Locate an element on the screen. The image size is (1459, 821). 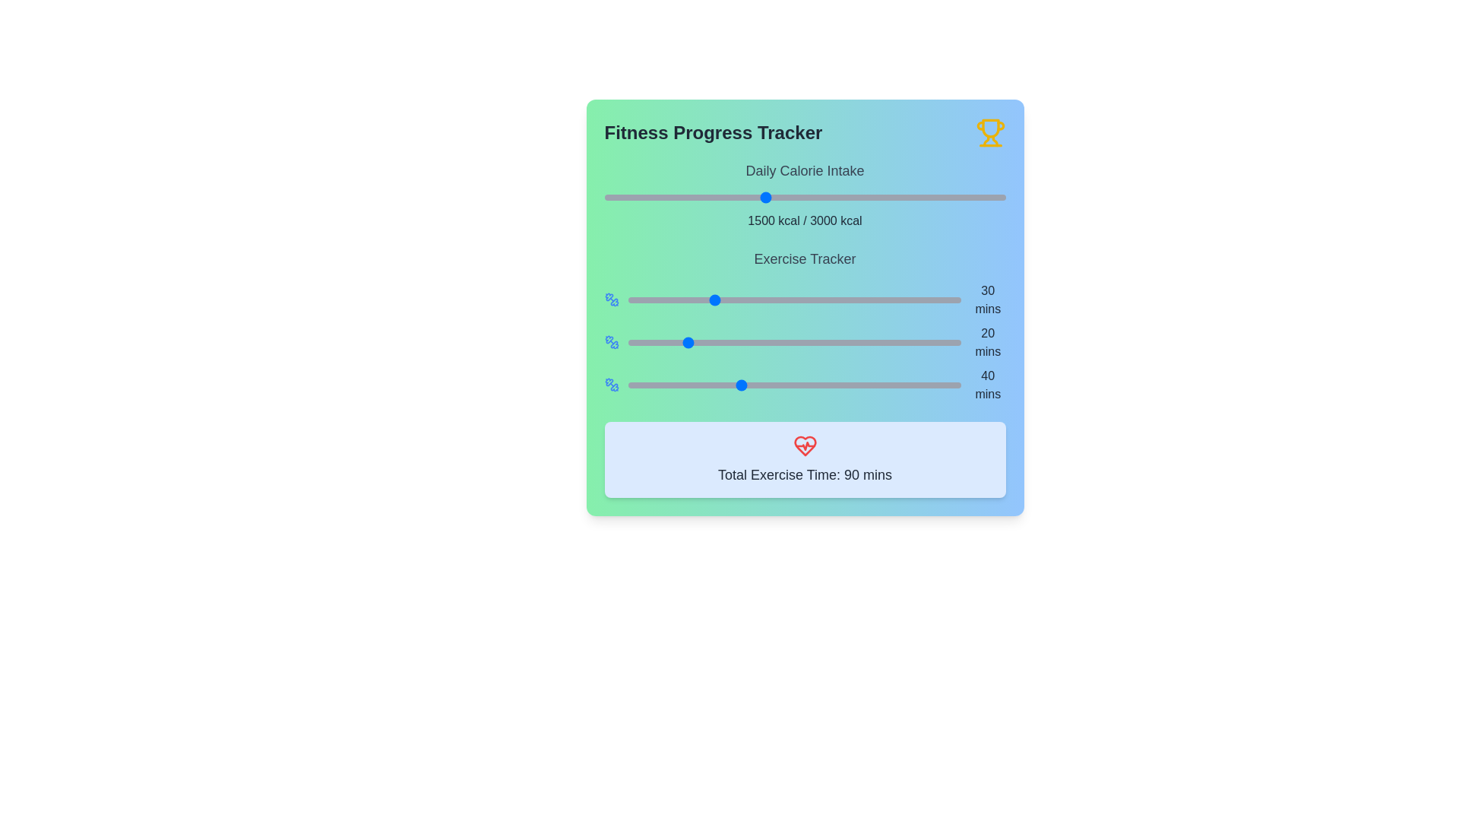
the text label displaying '30 mins' which is located to the right of the second slider bar in the 'Exercise Tracker' section is located at coordinates (988, 300).